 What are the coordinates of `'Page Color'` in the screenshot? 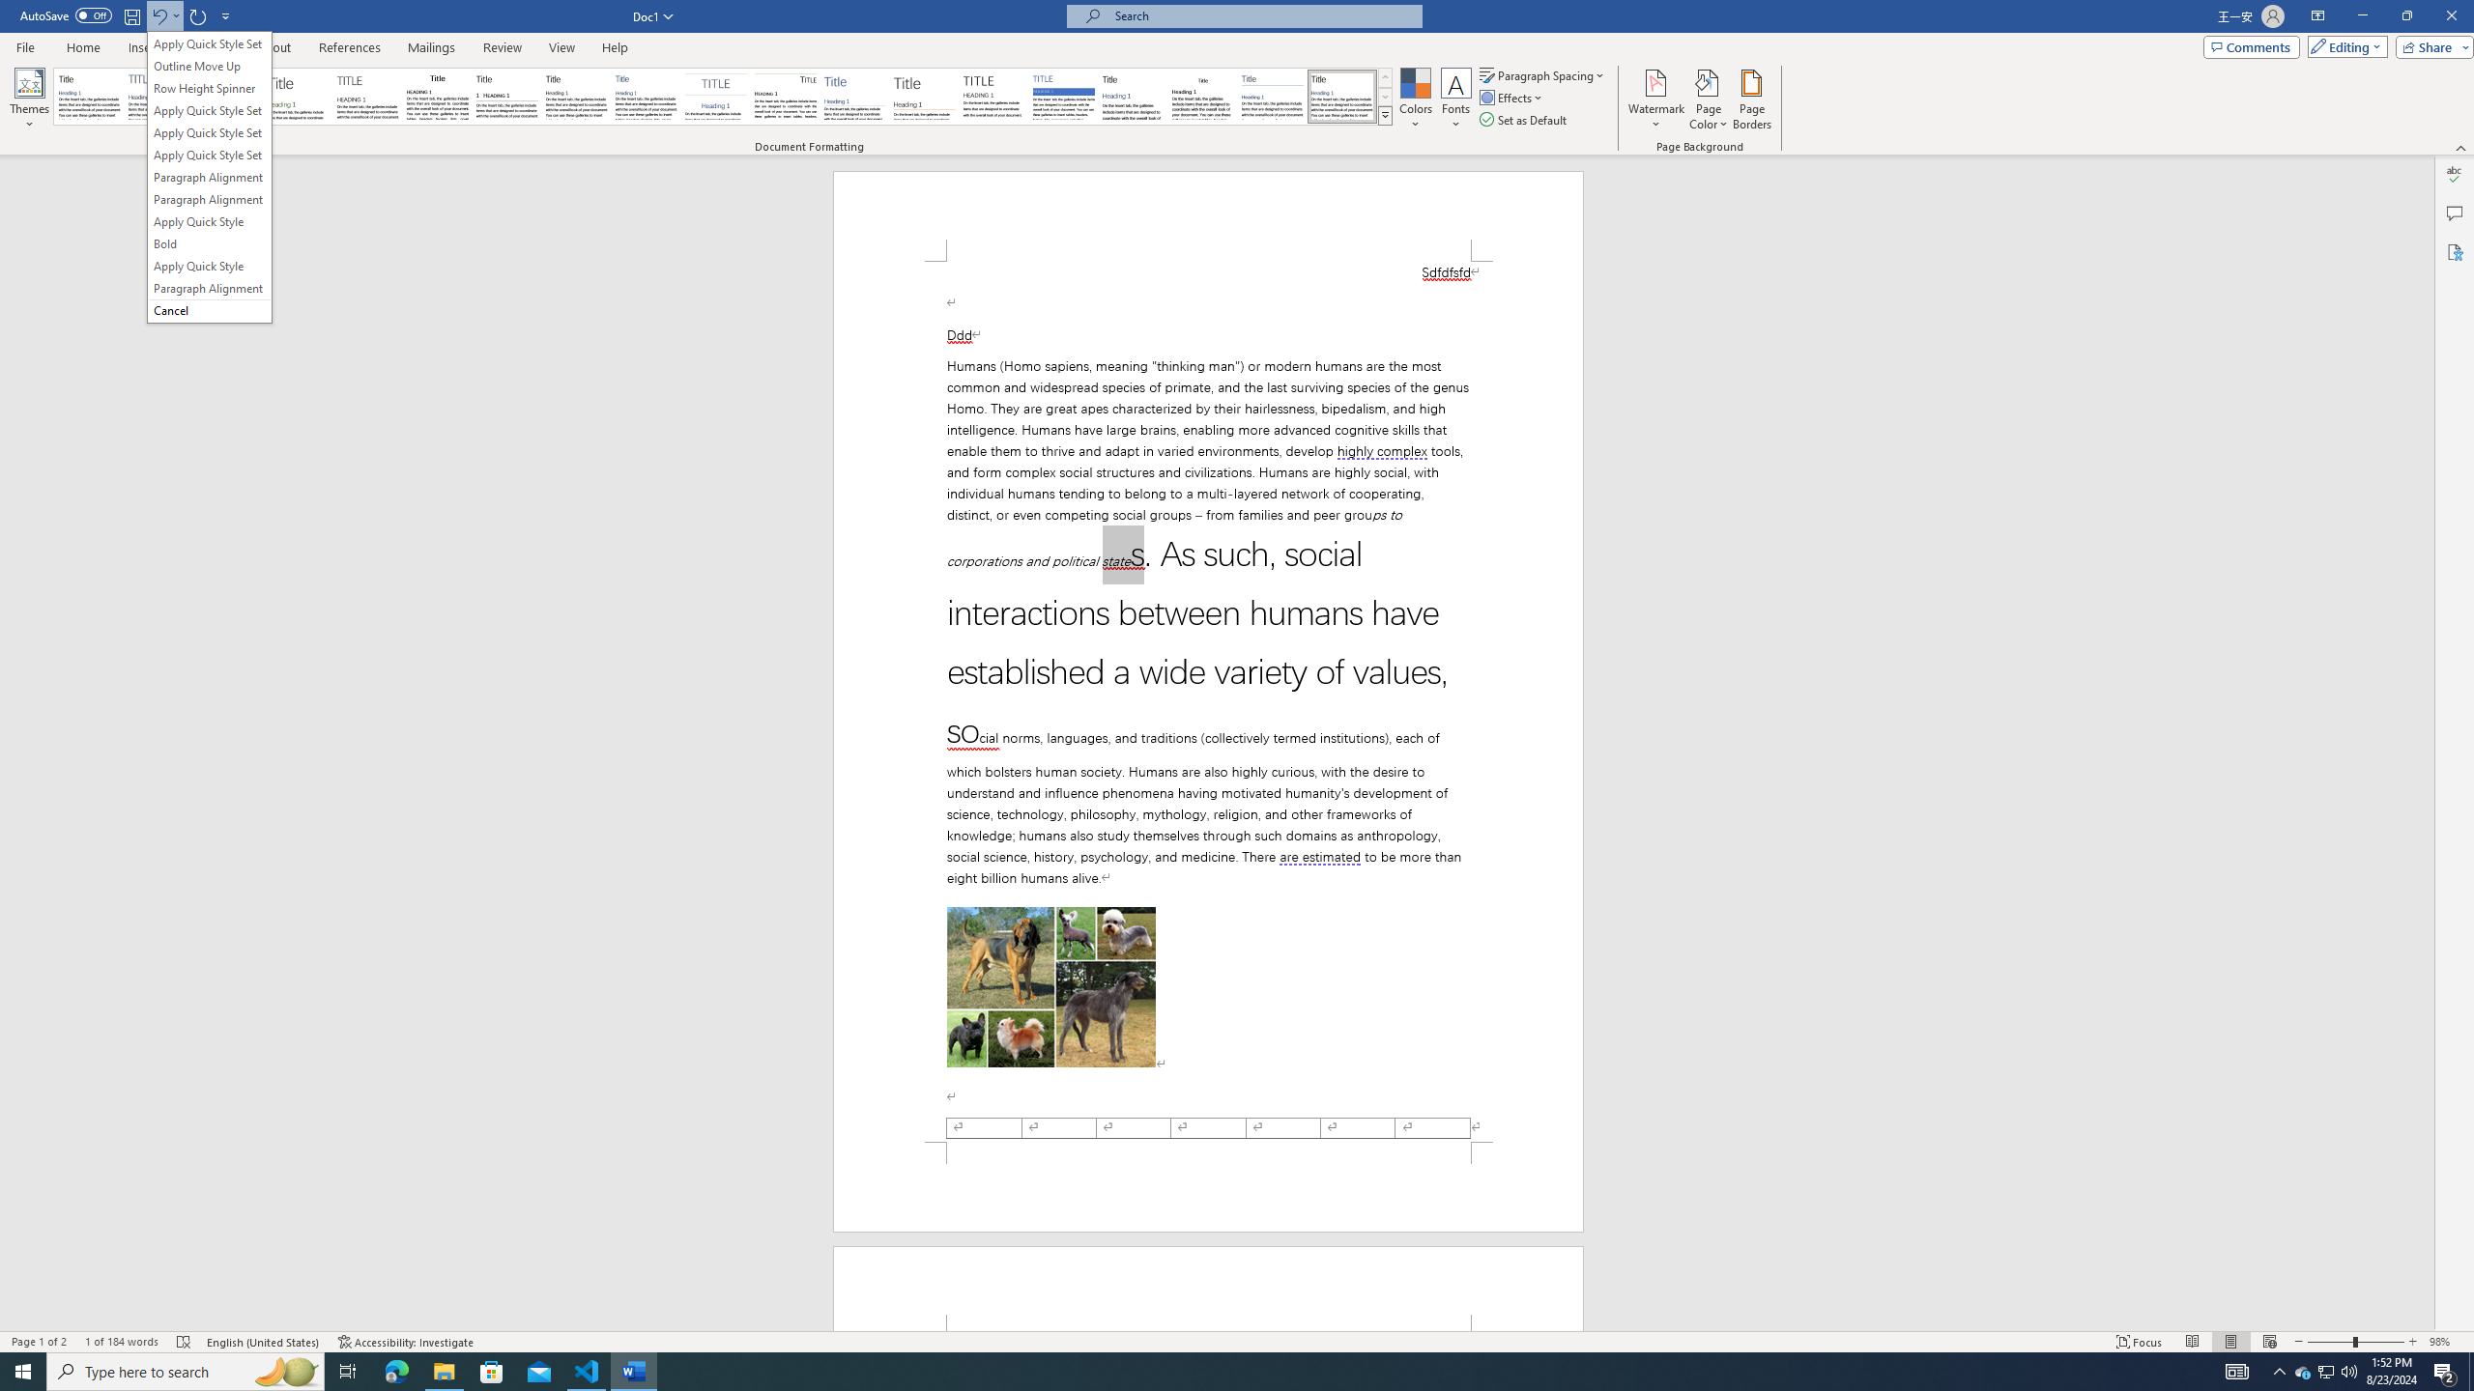 It's located at (1709, 99).